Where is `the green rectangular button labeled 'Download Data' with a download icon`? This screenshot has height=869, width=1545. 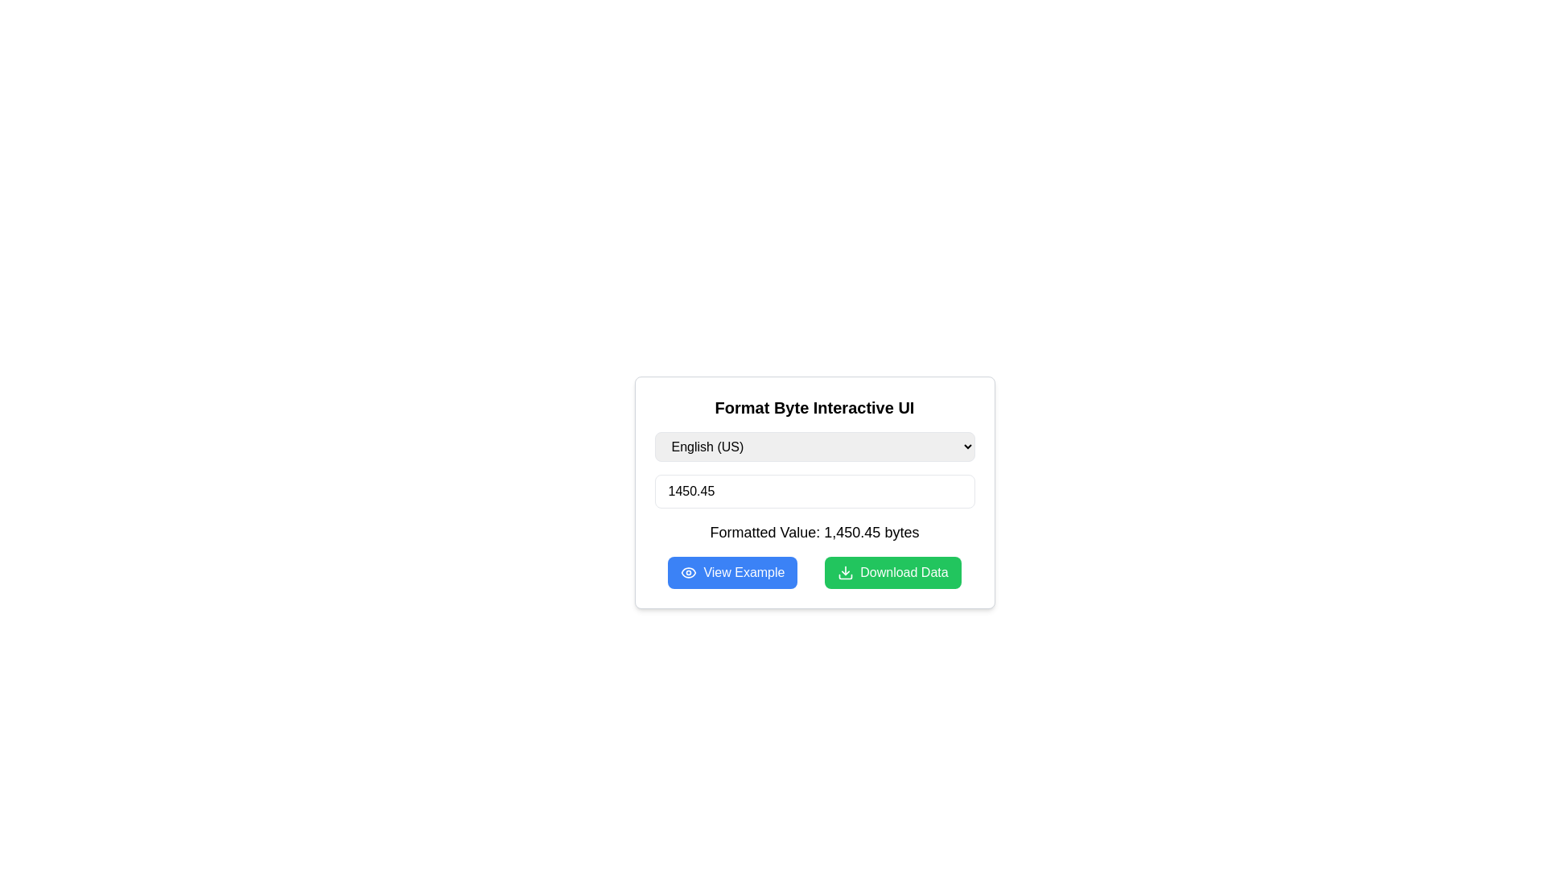
the green rectangular button labeled 'Download Data' with a download icon is located at coordinates (892, 572).